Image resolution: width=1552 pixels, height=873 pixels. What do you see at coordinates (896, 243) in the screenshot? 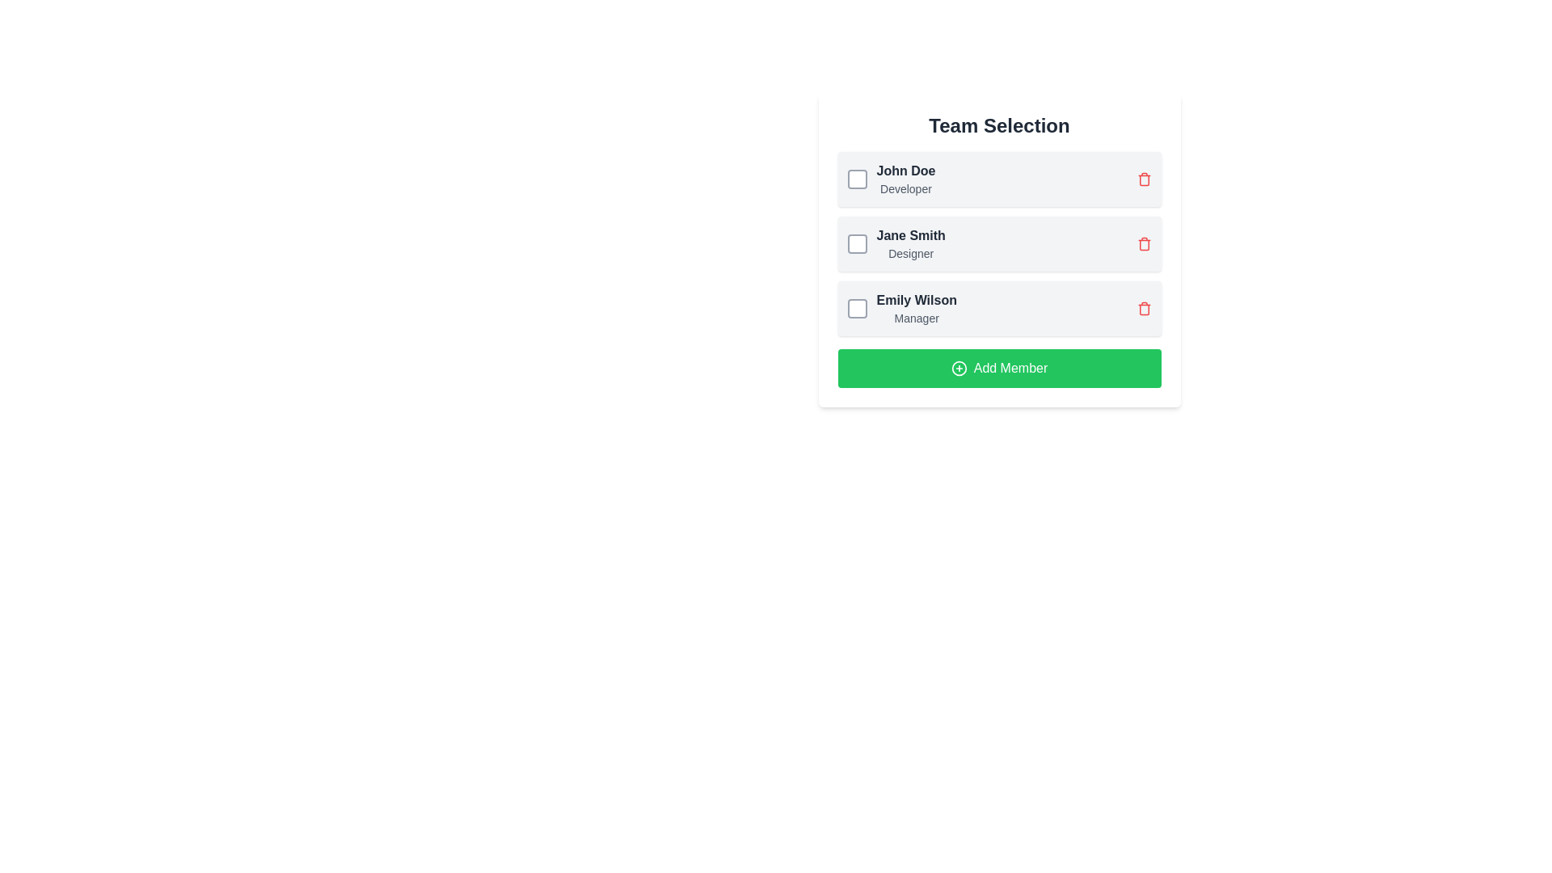
I see `the text display representing an individual member in the 'Team Selection' list, which is located in the second row, between 'John Doe' and 'Emily Wilson'` at bounding box center [896, 243].